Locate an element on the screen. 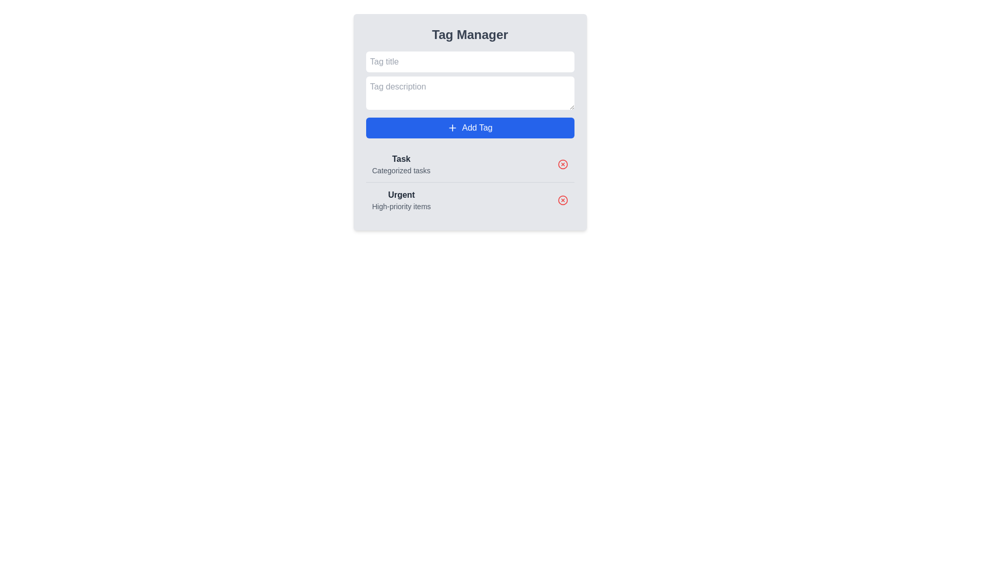 The width and height of the screenshot is (1000, 562). the 'Urgent' text label, which is styled in bold and dark gray, located in the 'Tag Manager' section just above 'High-priority items' is located at coordinates (401, 195).